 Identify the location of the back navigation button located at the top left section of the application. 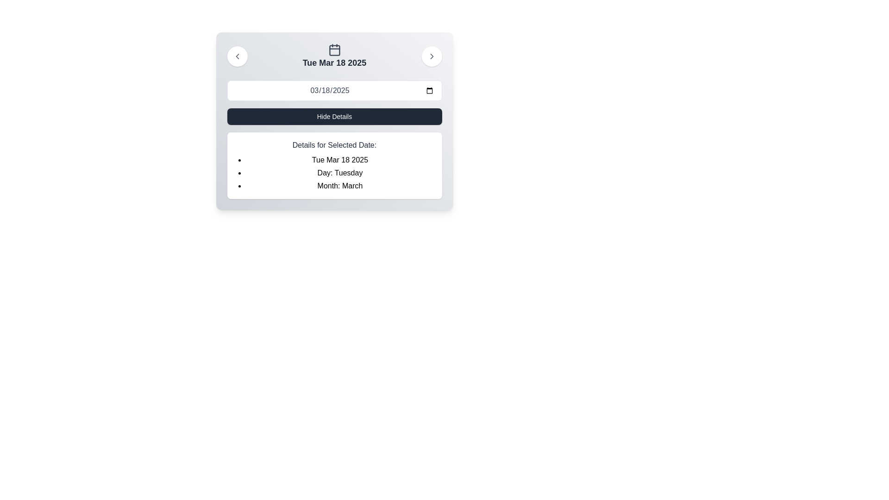
(237, 56).